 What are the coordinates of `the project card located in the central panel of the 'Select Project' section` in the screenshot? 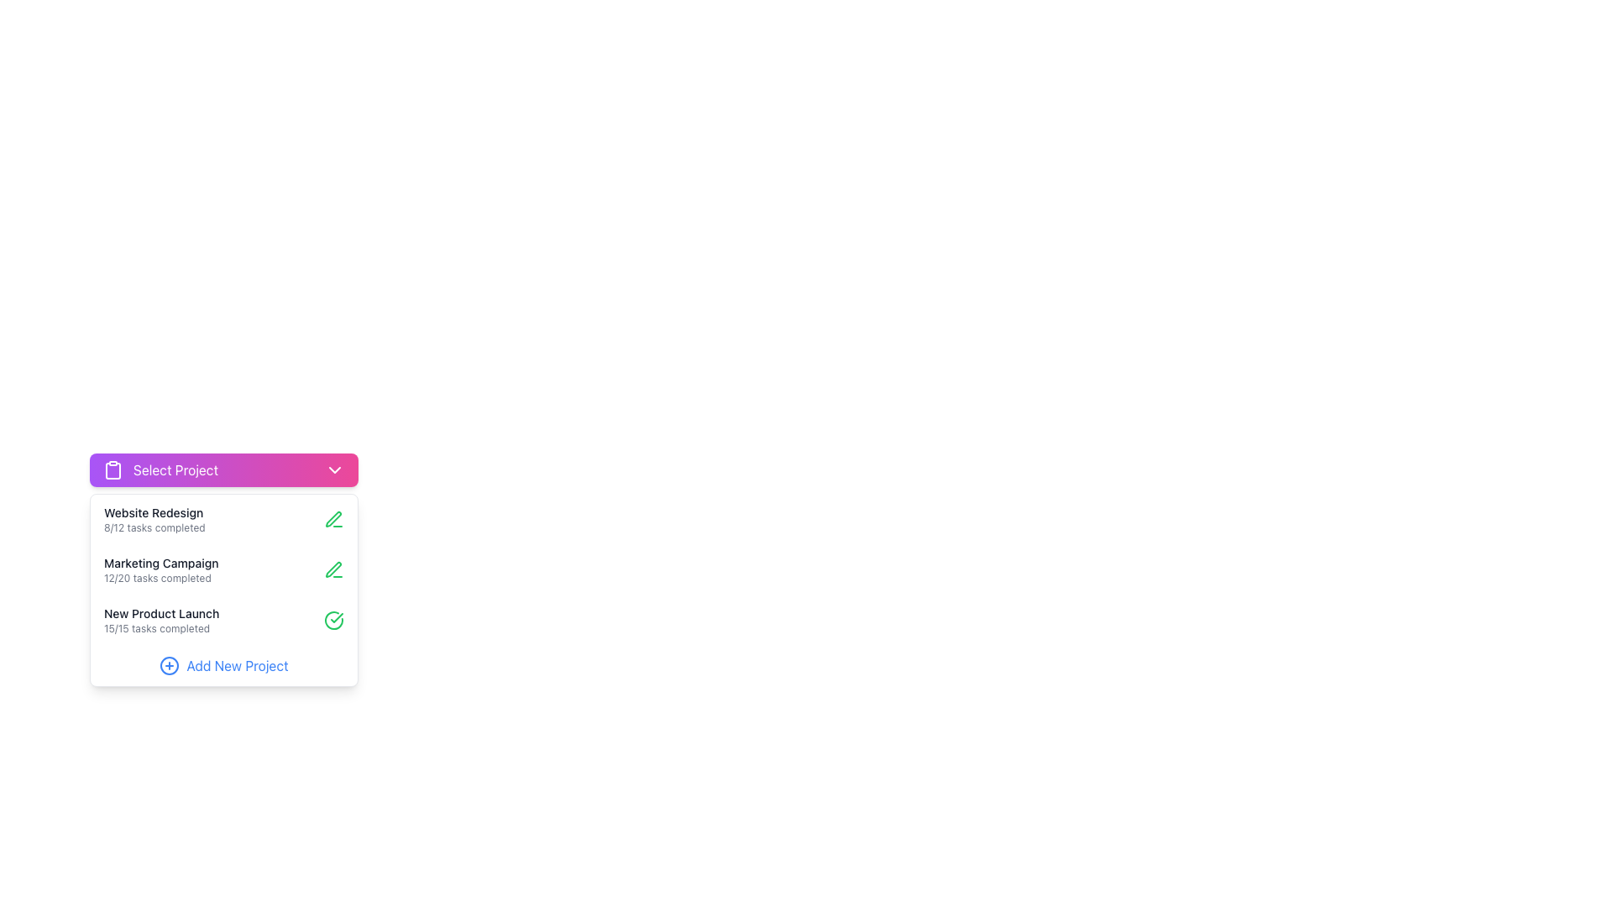 It's located at (223, 569).